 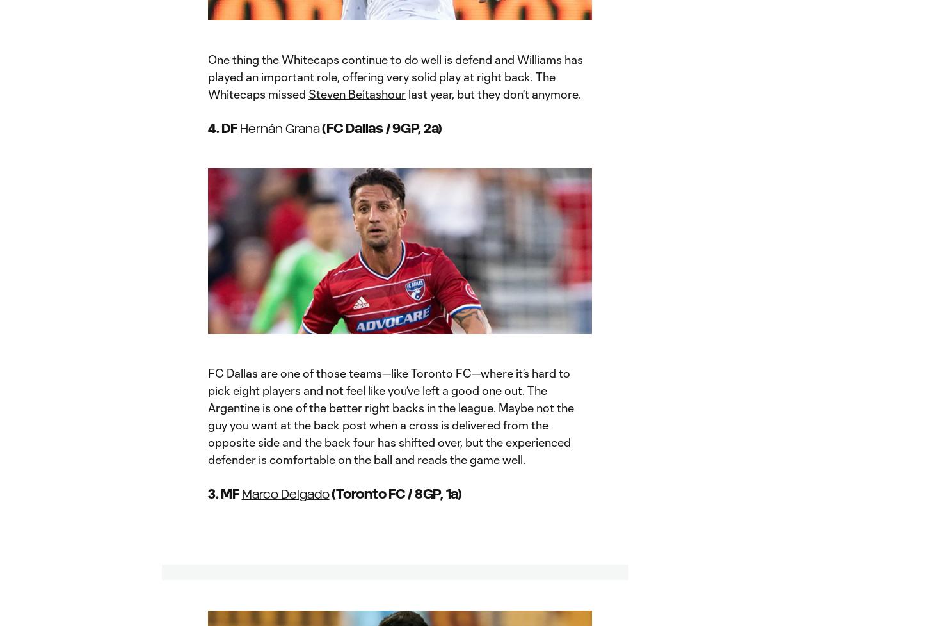 I want to click on 'One thing the Whitecaps continue to do well is defend and Williams has played an important role, offering very solid play at right back. The Whitecaps missed', so click(x=394, y=76).